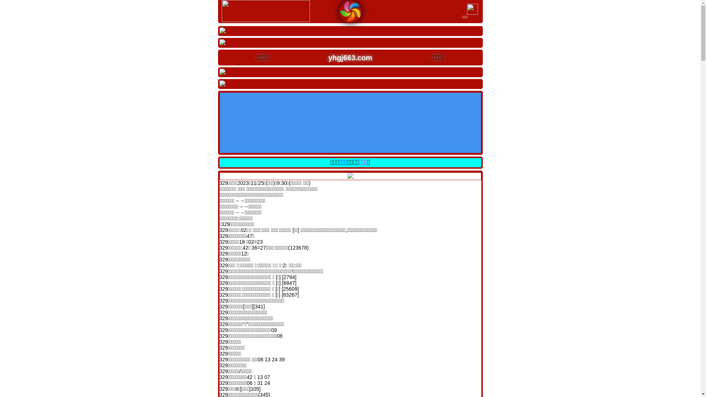 The image size is (706, 397). What do you see at coordinates (344, 56) in the screenshot?
I see `'yhgj663.com'` at bounding box center [344, 56].